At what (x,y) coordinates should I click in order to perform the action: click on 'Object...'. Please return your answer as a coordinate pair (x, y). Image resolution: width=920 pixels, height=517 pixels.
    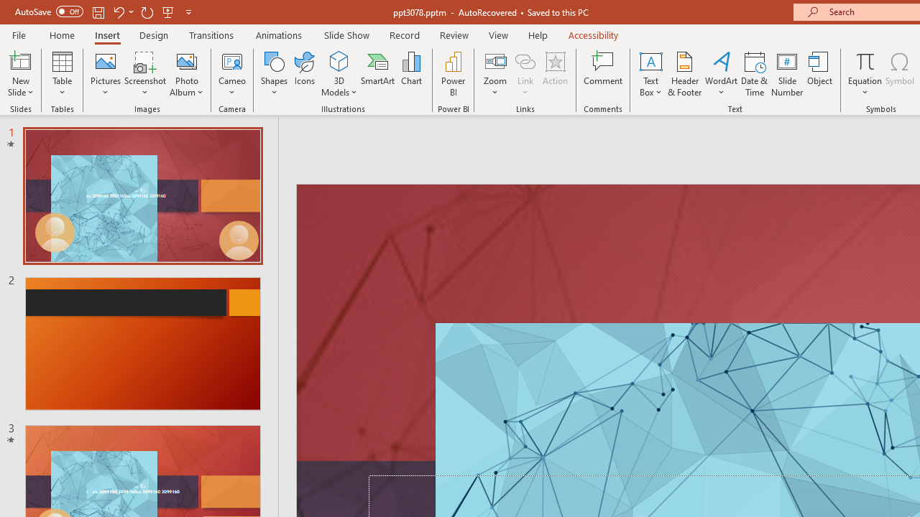
    Looking at the image, I should click on (820, 74).